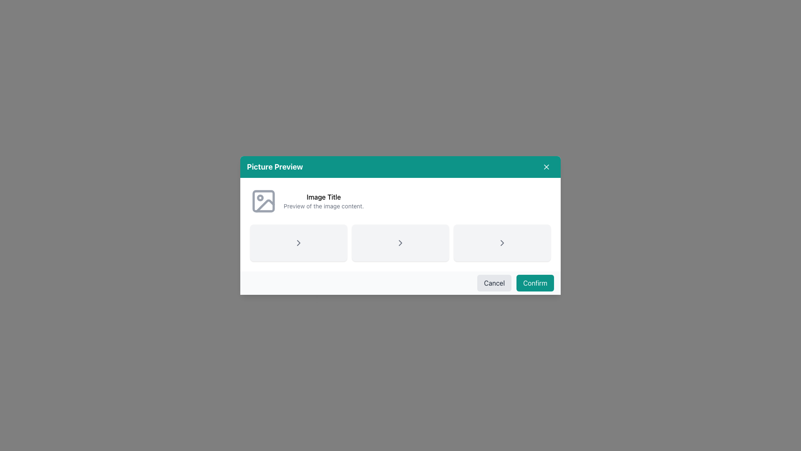 The width and height of the screenshot is (801, 451). What do you see at coordinates (263, 201) in the screenshot?
I see `the small rounded rectangle located at the top-left corner of the image icon depicting a mountain and sun` at bounding box center [263, 201].